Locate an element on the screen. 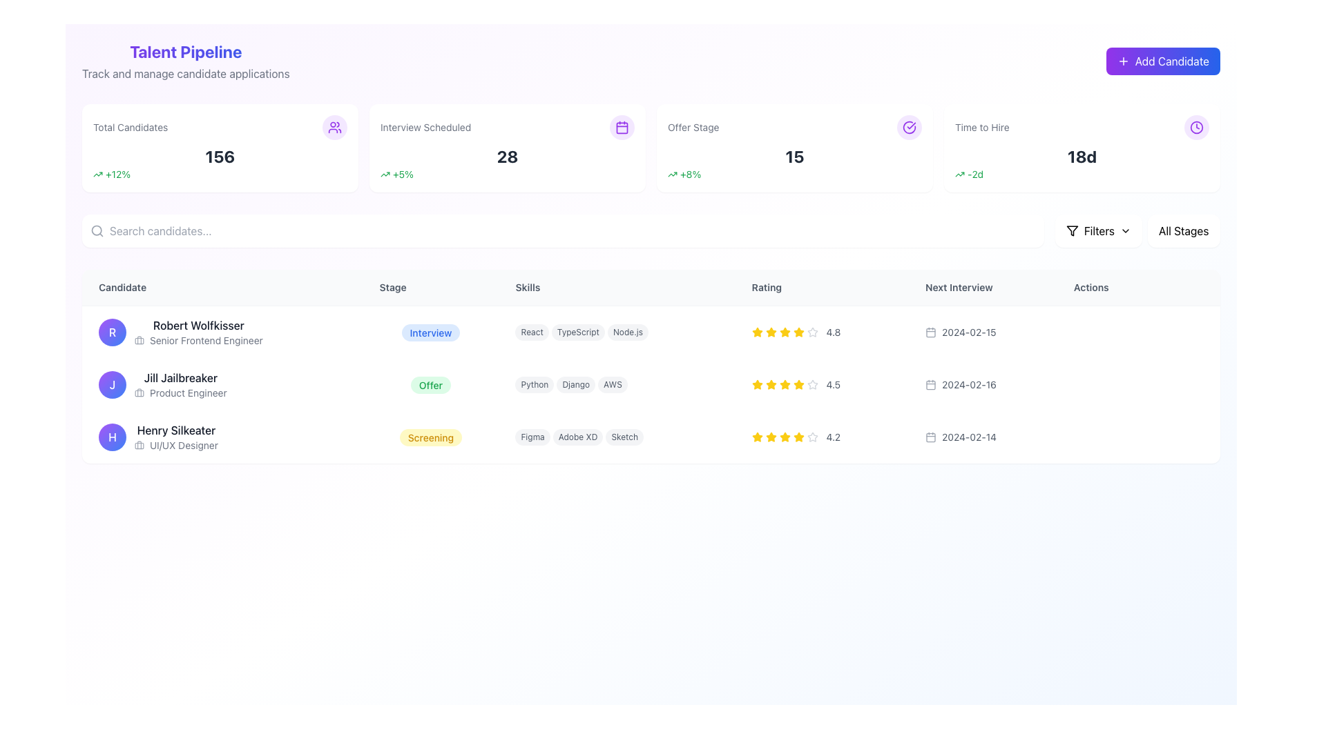  the candidate's profile text block located in the second row under the 'Candidate' column is located at coordinates (180, 385).